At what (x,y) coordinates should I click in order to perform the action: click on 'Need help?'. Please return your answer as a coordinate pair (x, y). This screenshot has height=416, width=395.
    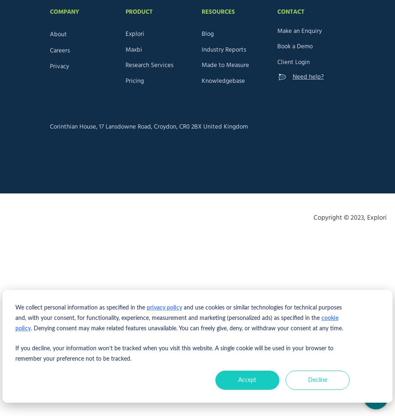
    Looking at the image, I should click on (307, 77).